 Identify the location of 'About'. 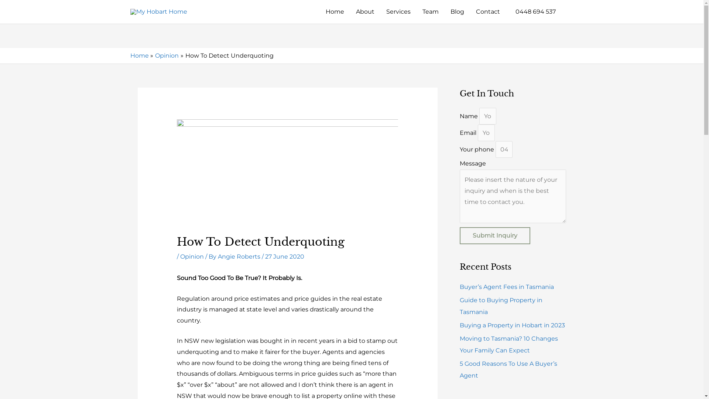
(365, 11).